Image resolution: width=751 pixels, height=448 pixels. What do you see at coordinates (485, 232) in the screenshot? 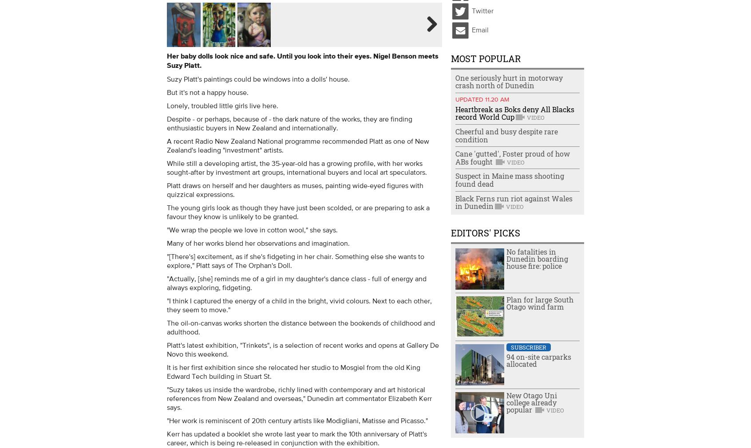
I see `'Editors' Picks'` at bounding box center [485, 232].